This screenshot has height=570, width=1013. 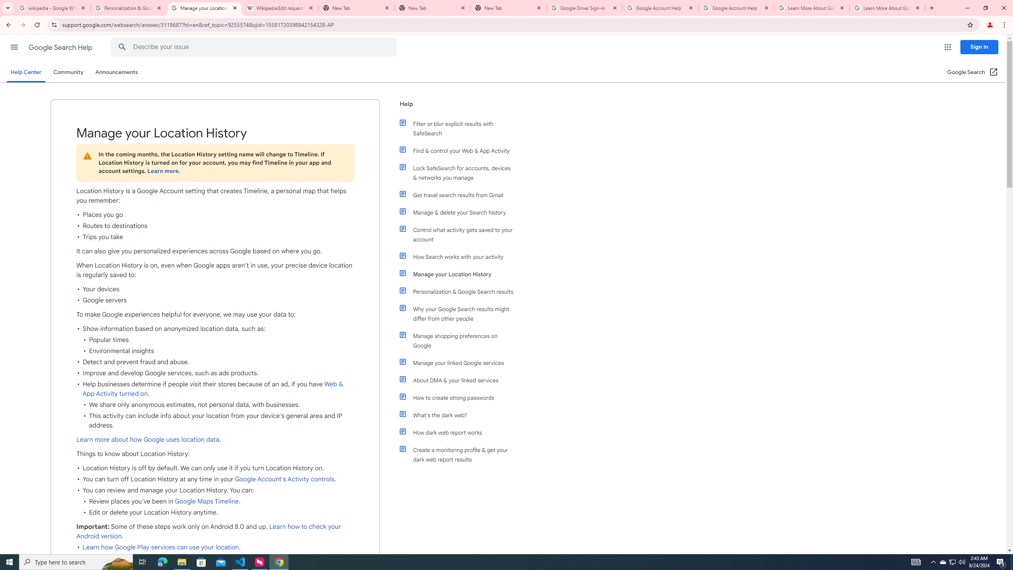 What do you see at coordinates (460, 150) in the screenshot?
I see `'Find & control your Web & App Activity'` at bounding box center [460, 150].